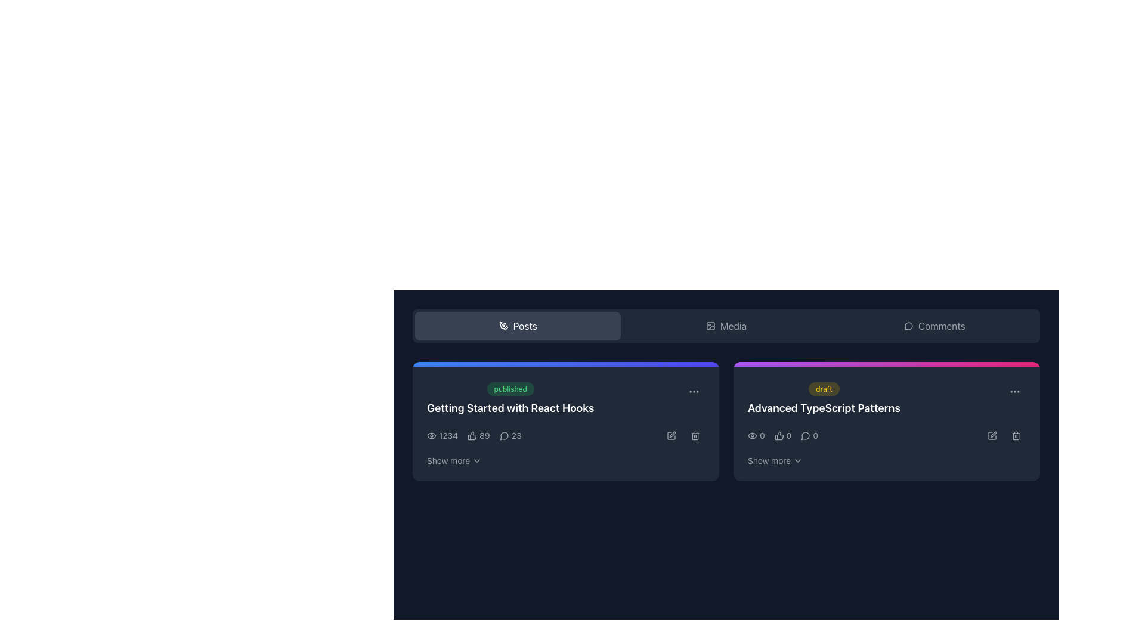 The height and width of the screenshot is (644, 1145). I want to click on the 'delete' button located at the bottom-right corner of the card titled 'Advanced TypeScript Patterns', so click(1016, 436).